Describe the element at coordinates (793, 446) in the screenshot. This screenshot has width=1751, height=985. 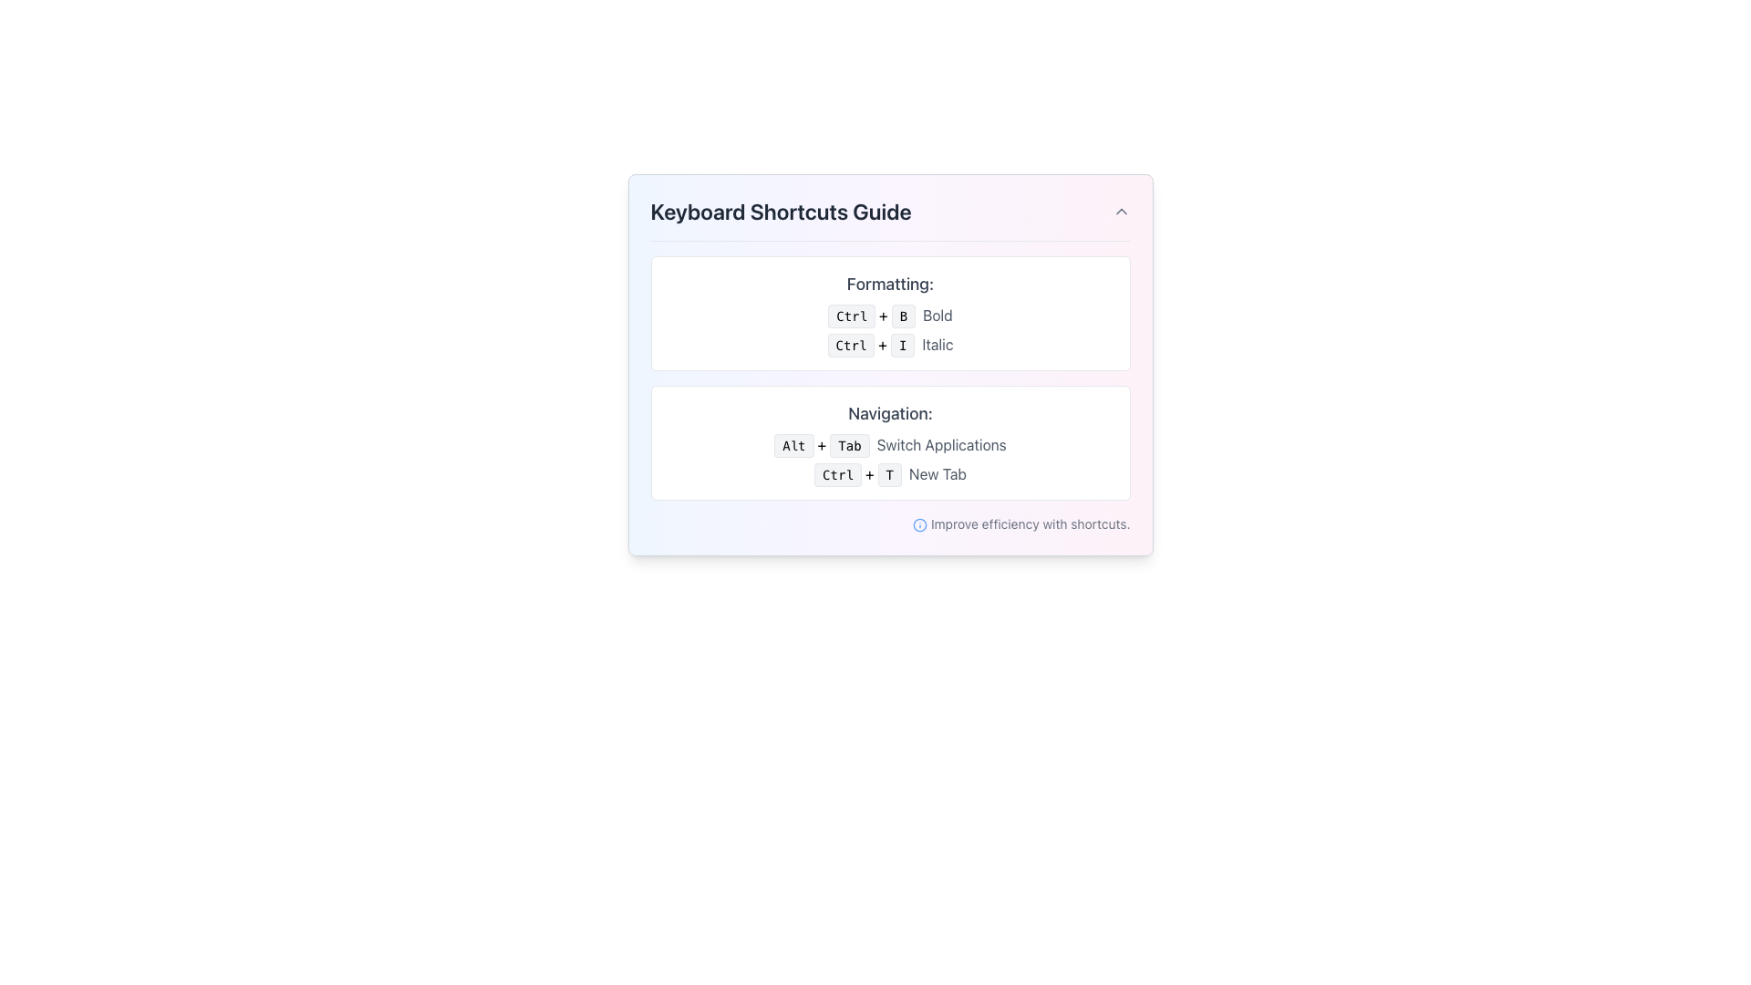
I see `the 'Alt' button-like label in the 'Navigation' section of the 'Keyboard Shortcuts Guide' panel, which has a light gray background and black border` at that location.